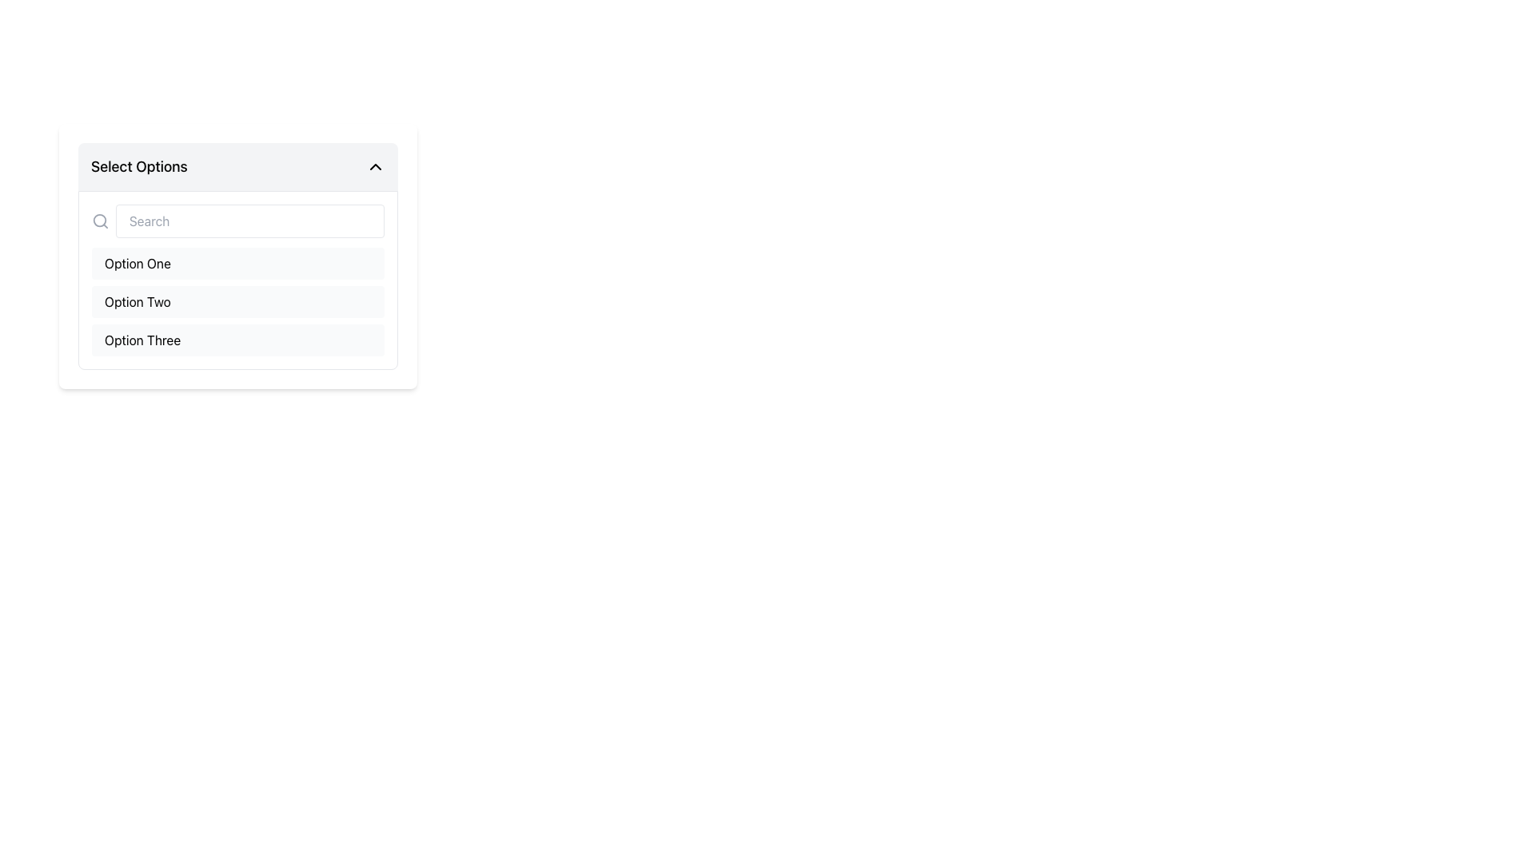  What do you see at coordinates (237, 302) in the screenshot?
I see `the list item labeled 'Option Two'` at bounding box center [237, 302].